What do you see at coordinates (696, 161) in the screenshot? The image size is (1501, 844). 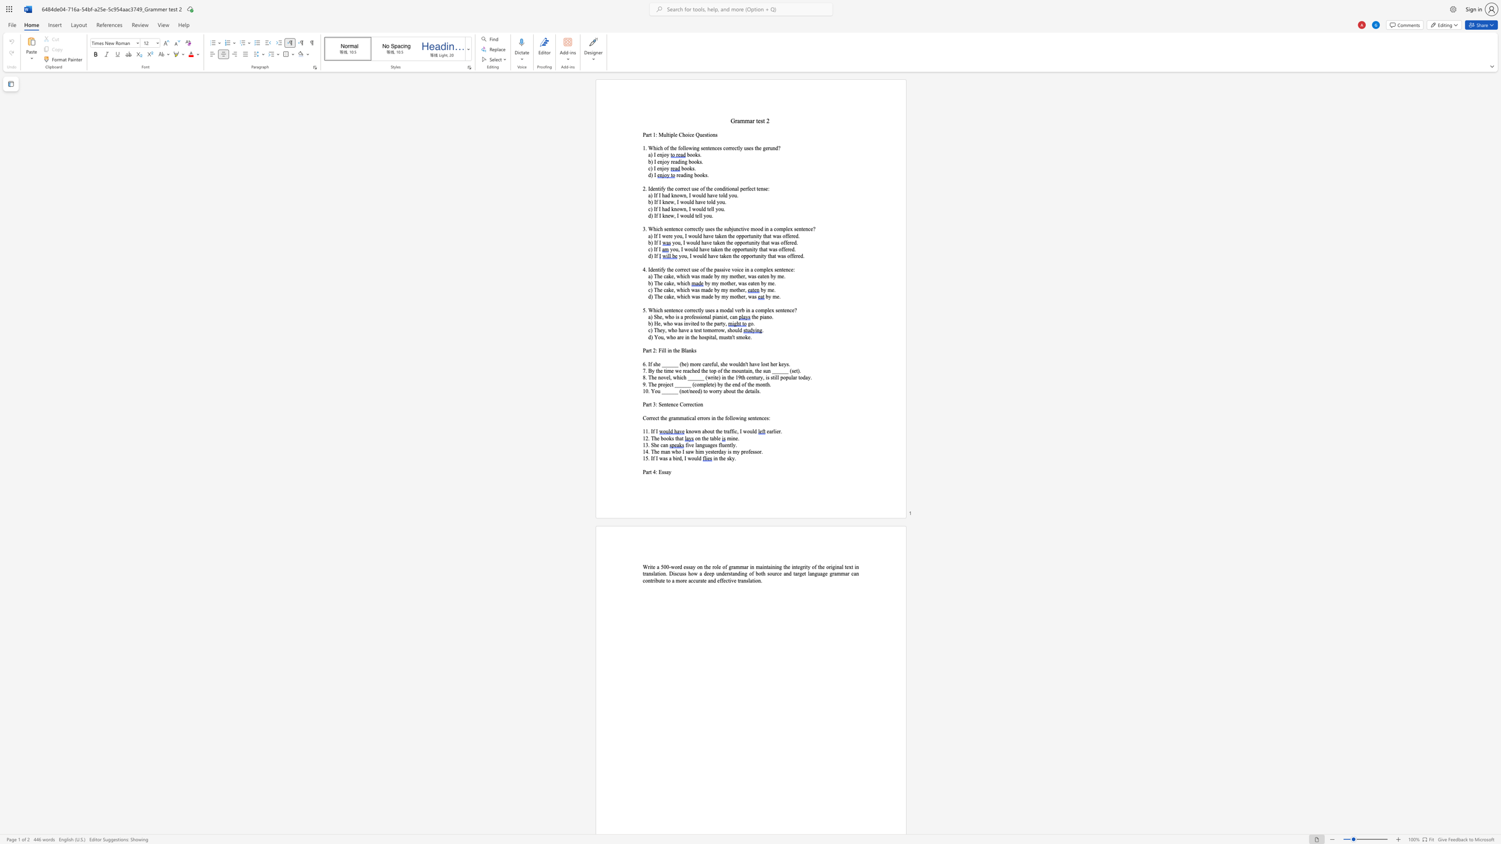 I see `the space between the continuous character "o" and "k" in the text` at bounding box center [696, 161].